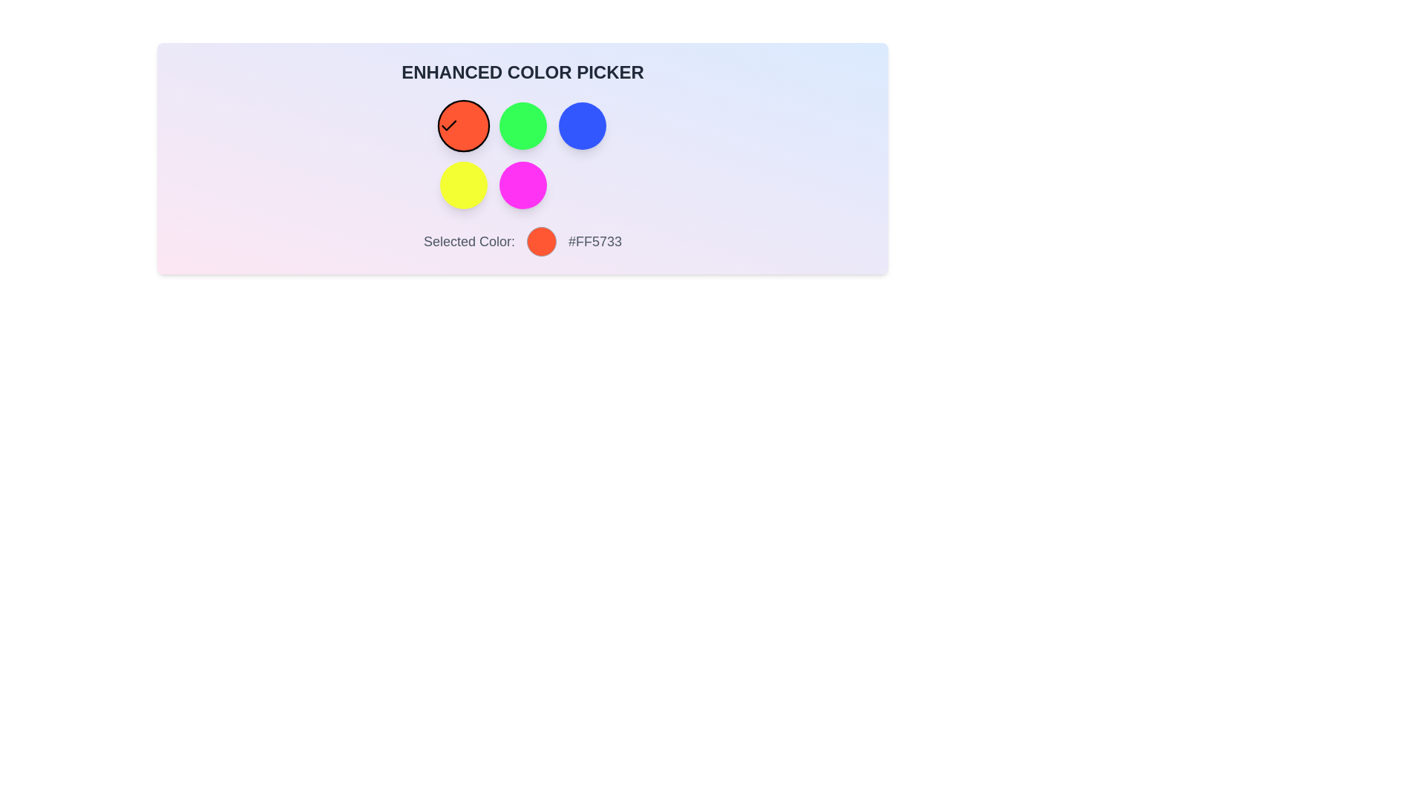 The width and height of the screenshot is (1425, 801). Describe the element at coordinates (522, 185) in the screenshot. I see `the vibrant pink circular button located in the bottom row, middle column of the grid layout` at that location.